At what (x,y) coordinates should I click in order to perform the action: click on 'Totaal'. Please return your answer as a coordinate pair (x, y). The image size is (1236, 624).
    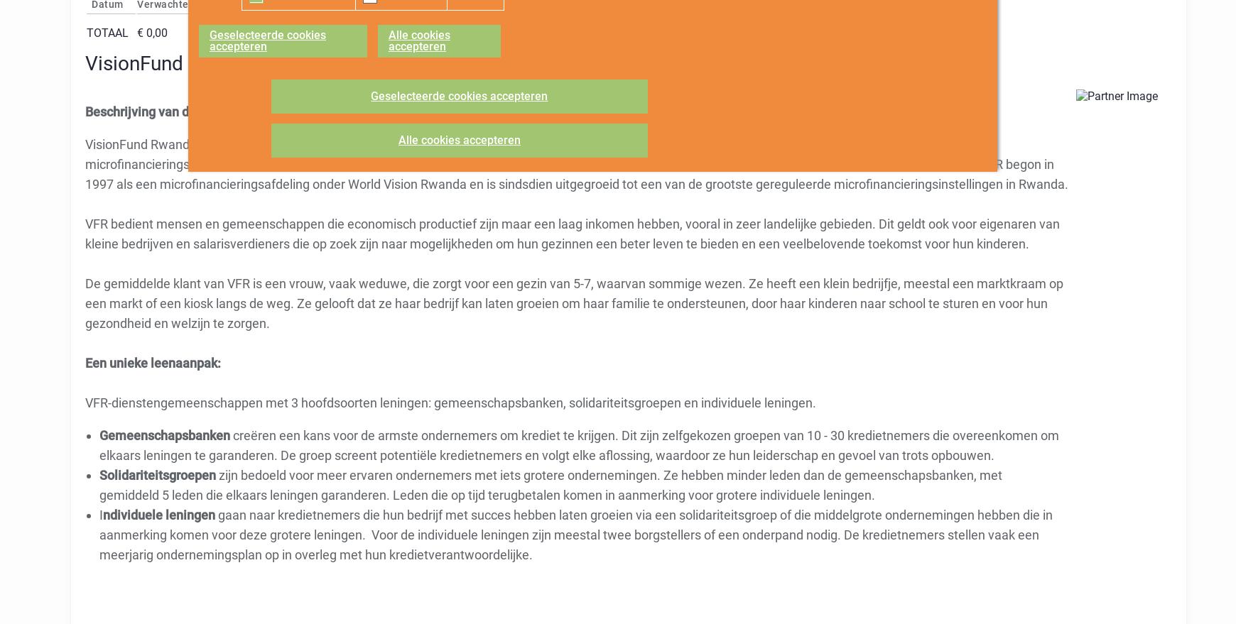
    Looking at the image, I should click on (107, 32).